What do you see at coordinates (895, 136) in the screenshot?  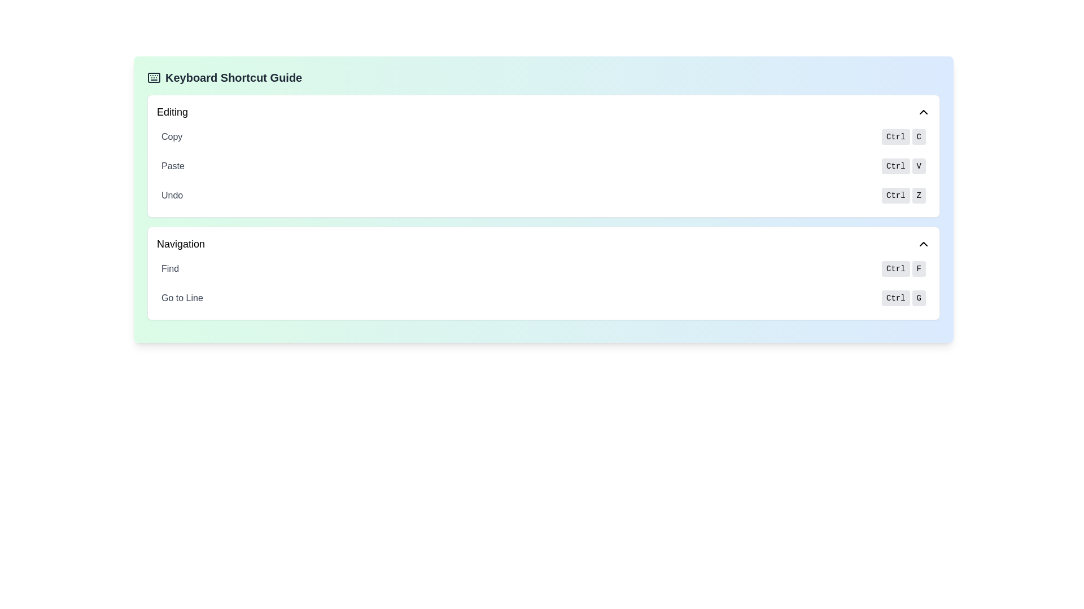 I see `the 'Ctrl' label, which is styled with a gray background and rounded corners, located on the right side of the 'Copy' instruction in the Keyboard Shortcut Guide section` at bounding box center [895, 136].